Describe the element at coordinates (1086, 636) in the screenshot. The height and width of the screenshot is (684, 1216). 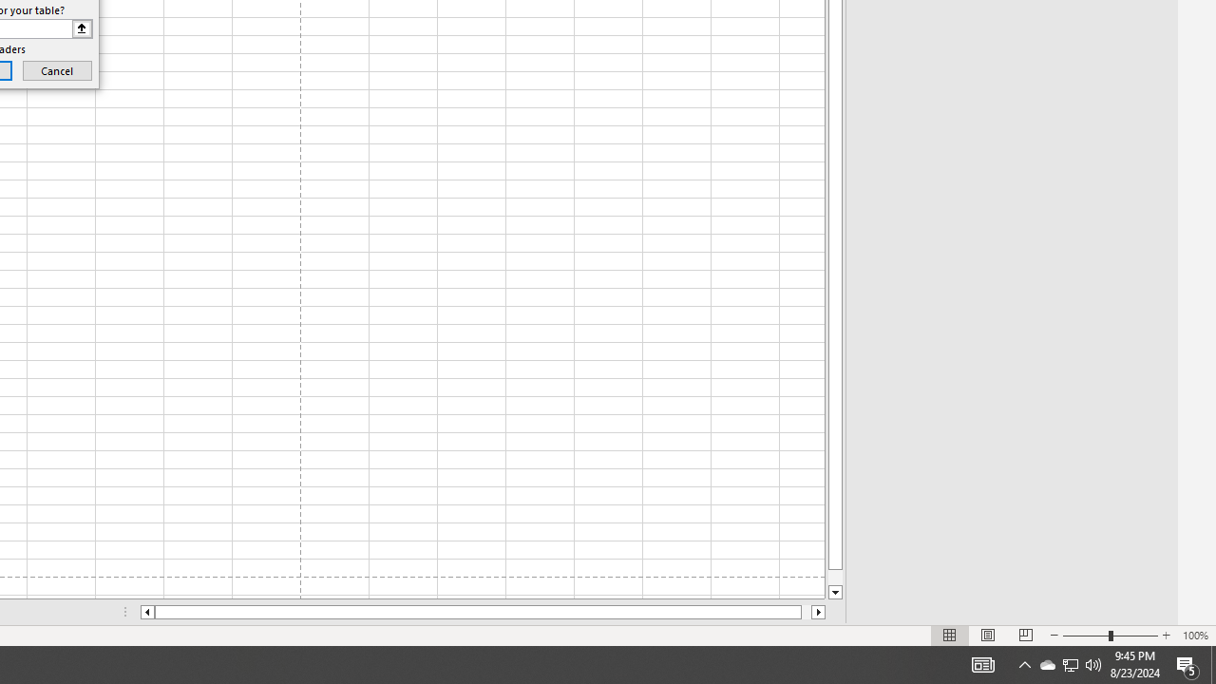
I see `'Zoom Out'` at that location.